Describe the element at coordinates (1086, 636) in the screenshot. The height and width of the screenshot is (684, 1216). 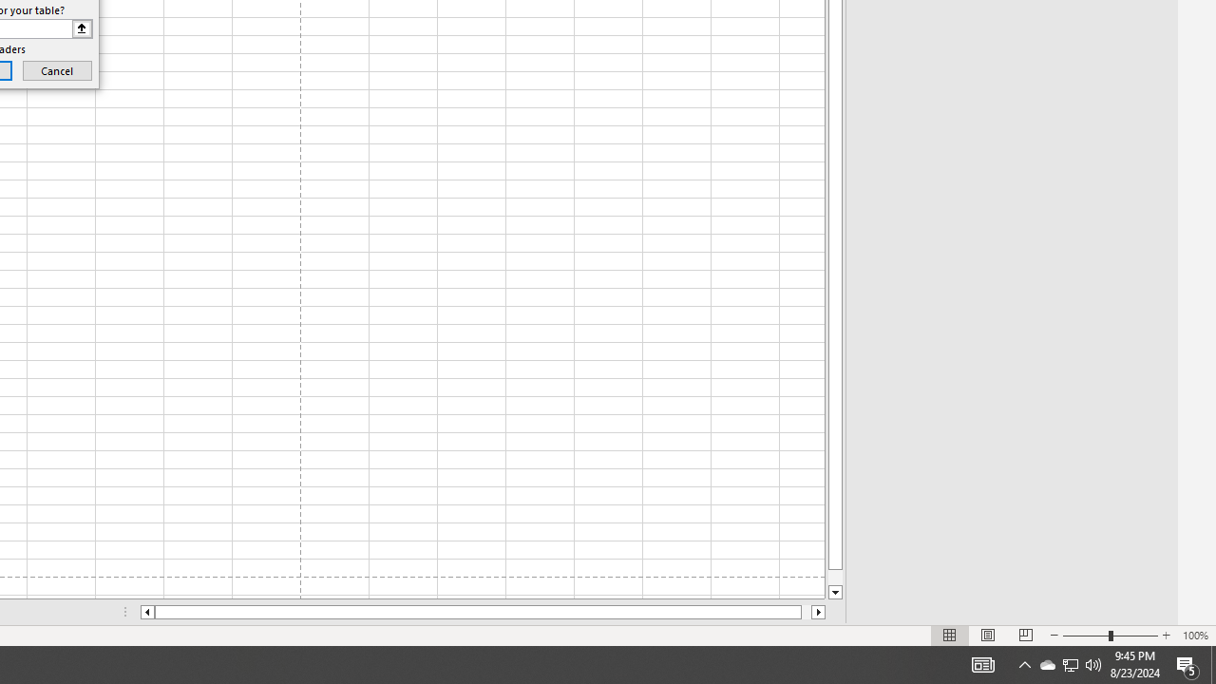
I see `'Zoom Out'` at that location.